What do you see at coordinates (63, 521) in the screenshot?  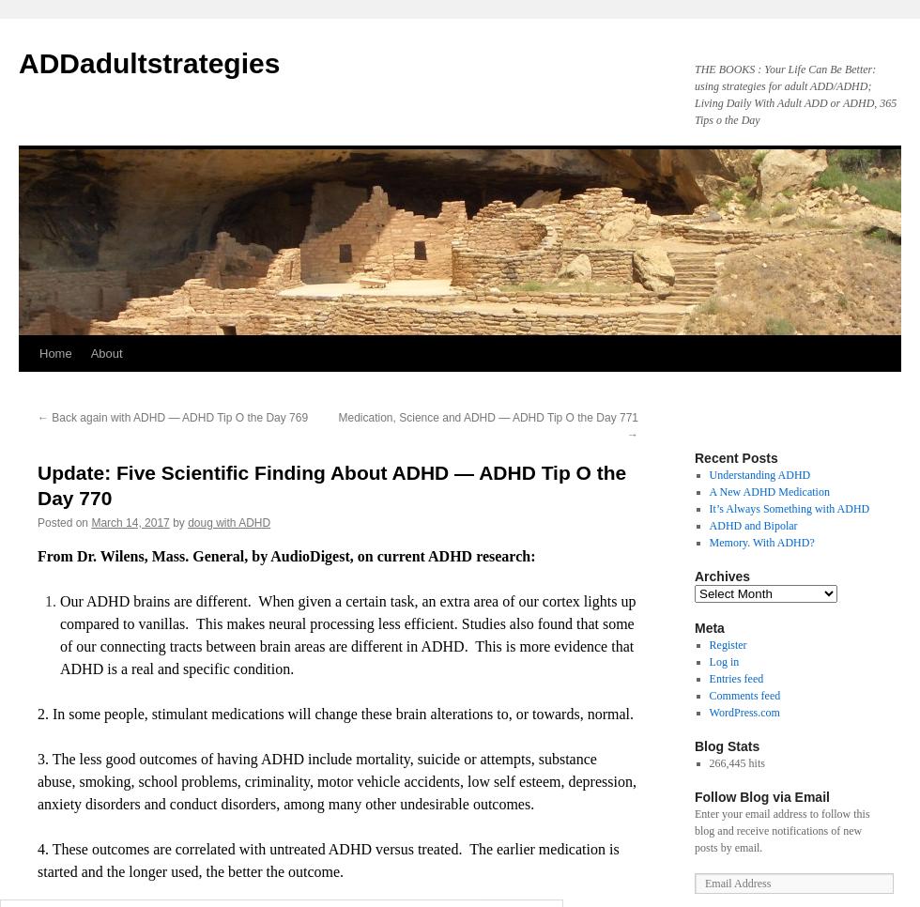 I see `'Posted on'` at bounding box center [63, 521].